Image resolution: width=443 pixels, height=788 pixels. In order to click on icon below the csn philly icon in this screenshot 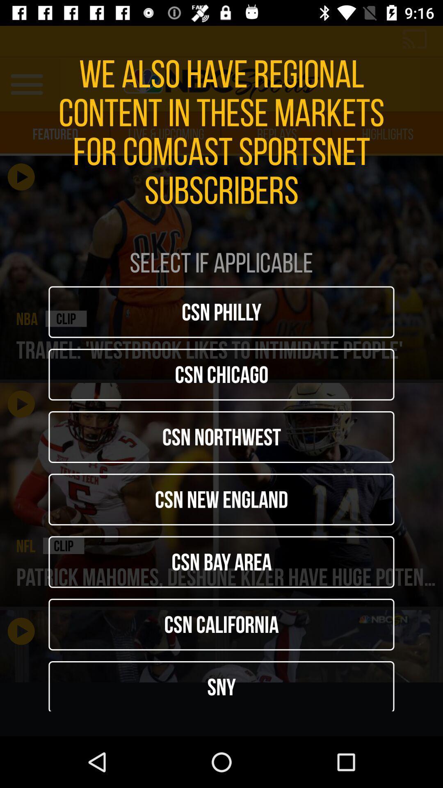, I will do `click(221, 374)`.